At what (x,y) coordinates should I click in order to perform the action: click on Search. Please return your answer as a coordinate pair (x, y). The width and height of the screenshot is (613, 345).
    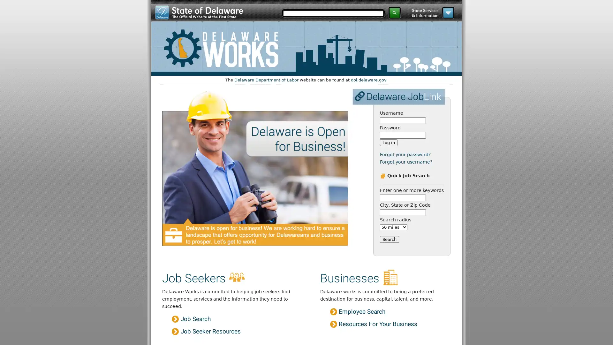
    Looking at the image, I should click on (389, 239).